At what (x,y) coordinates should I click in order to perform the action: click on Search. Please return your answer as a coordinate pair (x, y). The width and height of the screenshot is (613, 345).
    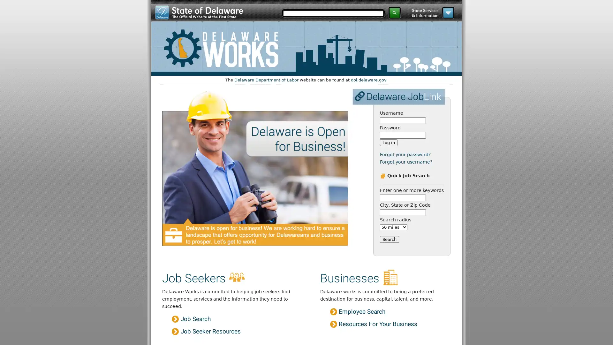
    Looking at the image, I should click on (389, 239).